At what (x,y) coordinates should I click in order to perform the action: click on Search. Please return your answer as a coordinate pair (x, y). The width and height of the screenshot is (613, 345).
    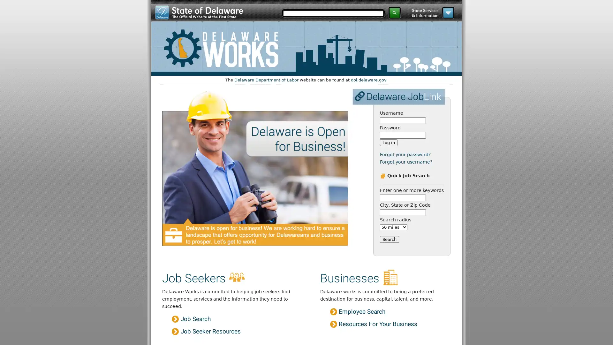
    Looking at the image, I should click on (389, 239).